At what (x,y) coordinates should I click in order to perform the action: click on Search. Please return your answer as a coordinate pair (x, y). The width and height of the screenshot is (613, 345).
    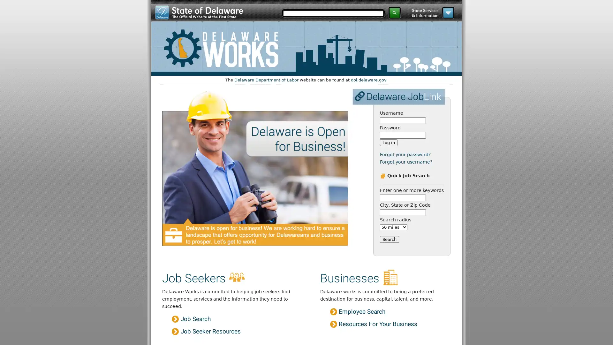
    Looking at the image, I should click on (389, 239).